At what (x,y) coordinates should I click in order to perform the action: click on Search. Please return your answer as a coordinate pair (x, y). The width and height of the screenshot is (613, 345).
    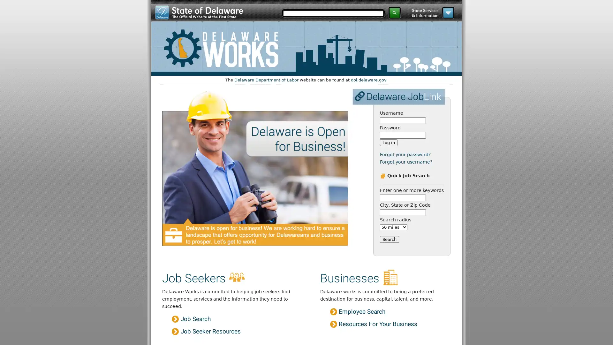
    Looking at the image, I should click on (389, 239).